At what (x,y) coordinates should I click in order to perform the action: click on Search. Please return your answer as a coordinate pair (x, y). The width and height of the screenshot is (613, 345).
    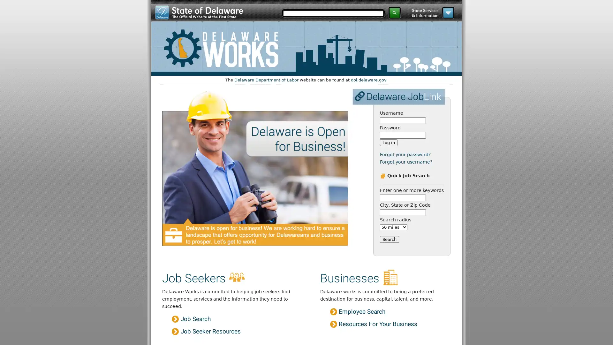
    Looking at the image, I should click on (389, 239).